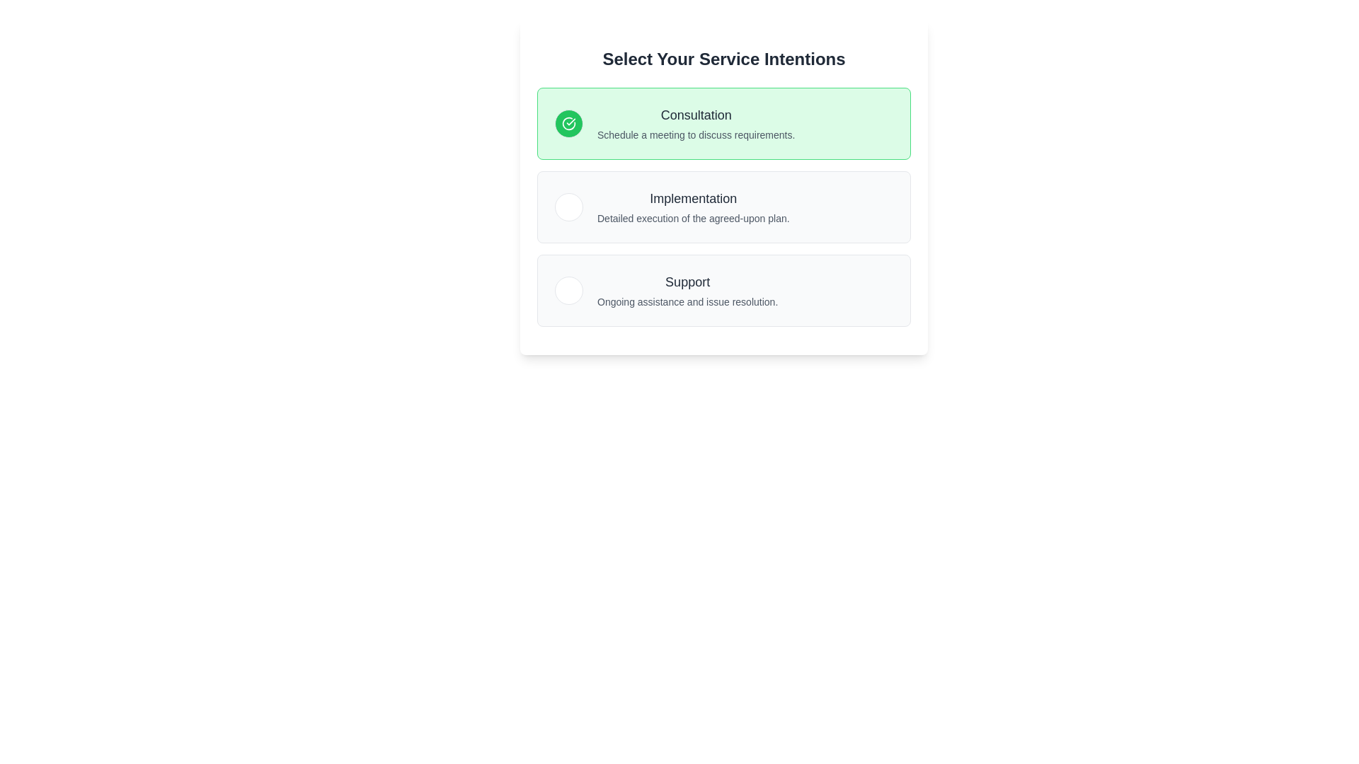 This screenshot has height=764, width=1359. Describe the element at coordinates (569, 122) in the screenshot. I see `the circular green button with a white checkmark icon located to the left of the 'Consultation' section` at that location.